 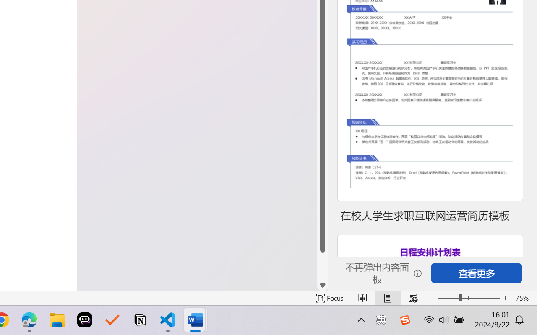 I want to click on 'Line down', so click(x=322, y=286).